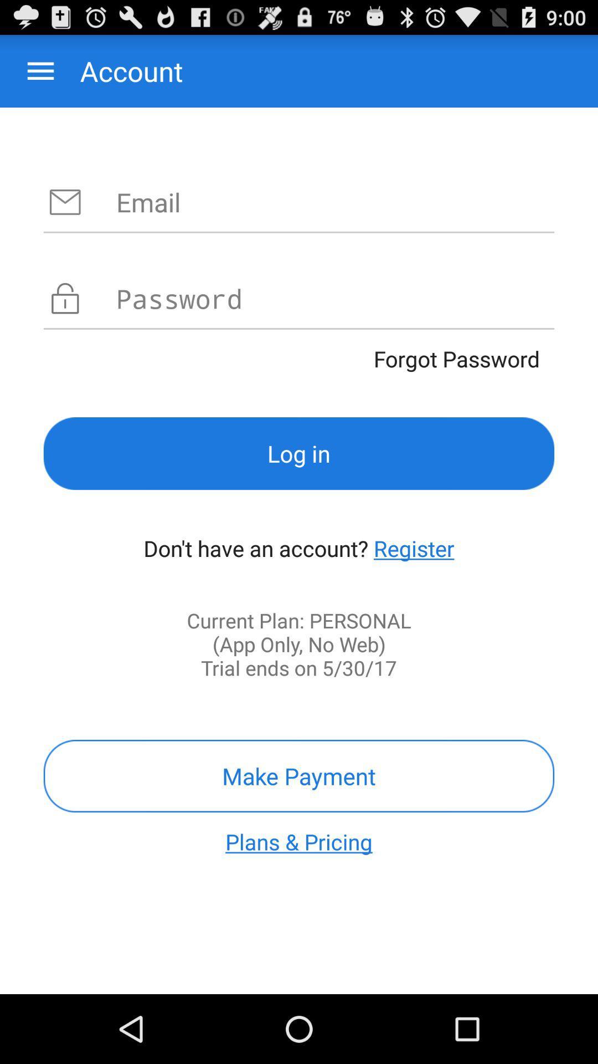 Image resolution: width=598 pixels, height=1064 pixels. I want to click on enter, so click(334, 202).